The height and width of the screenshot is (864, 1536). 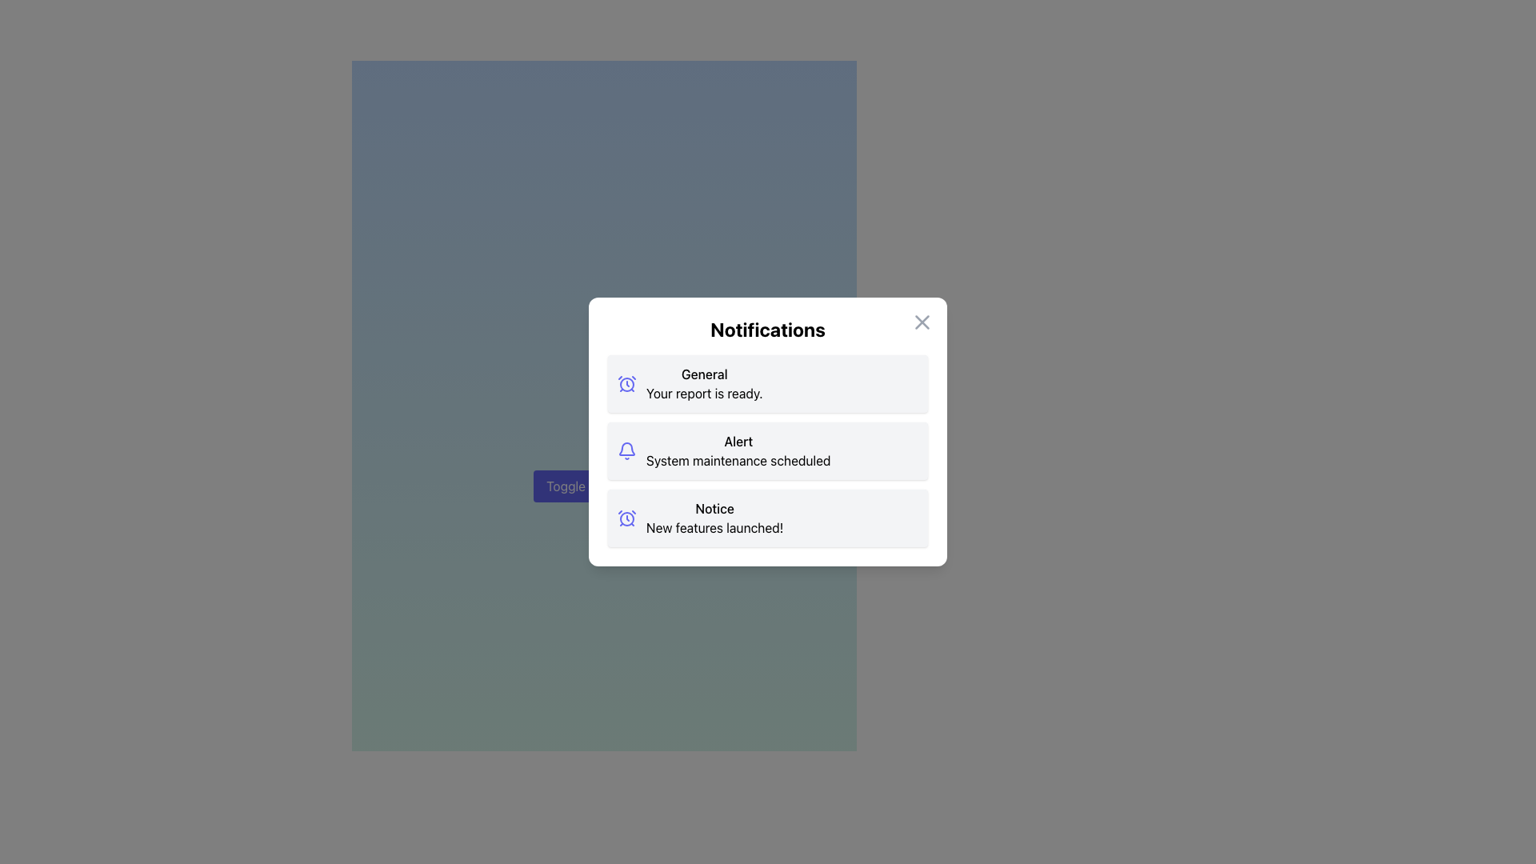 I want to click on the static text element that reads 'Your report is ready.', located under the 'General' label in the first notification card, so click(x=704, y=394).